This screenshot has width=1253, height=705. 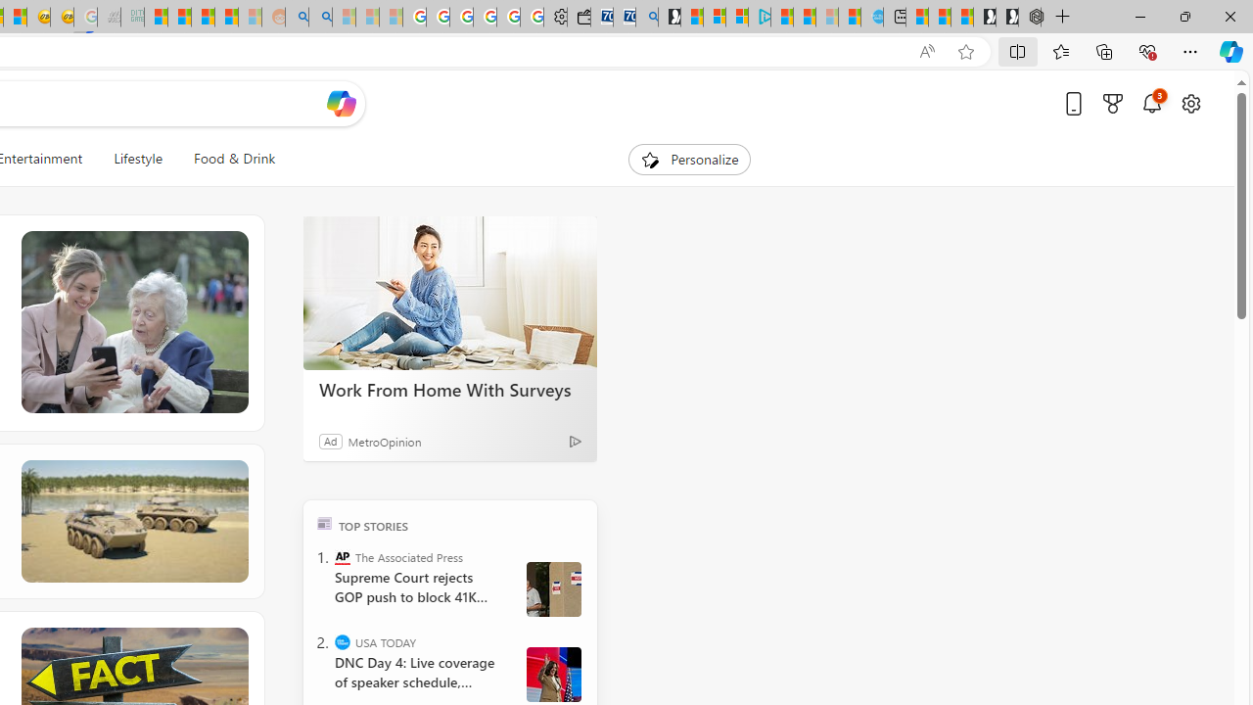 What do you see at coordinates (320, 17) in the screenshot?
I see `'Utah sues federal government - Search'` at bounding box center [320, 17].